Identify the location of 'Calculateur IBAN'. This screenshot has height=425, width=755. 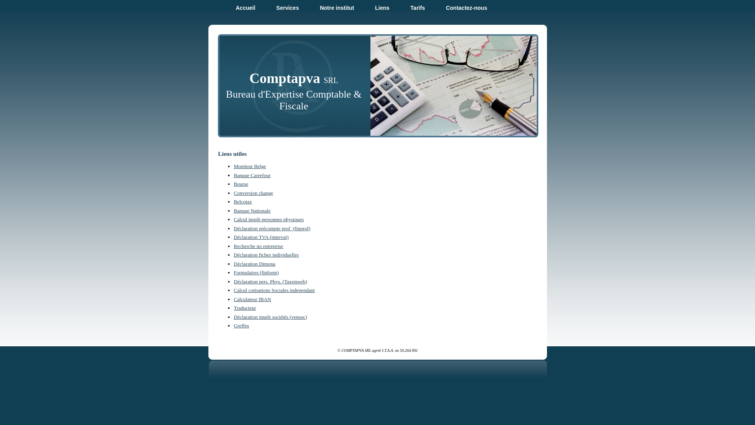
(233, 299).